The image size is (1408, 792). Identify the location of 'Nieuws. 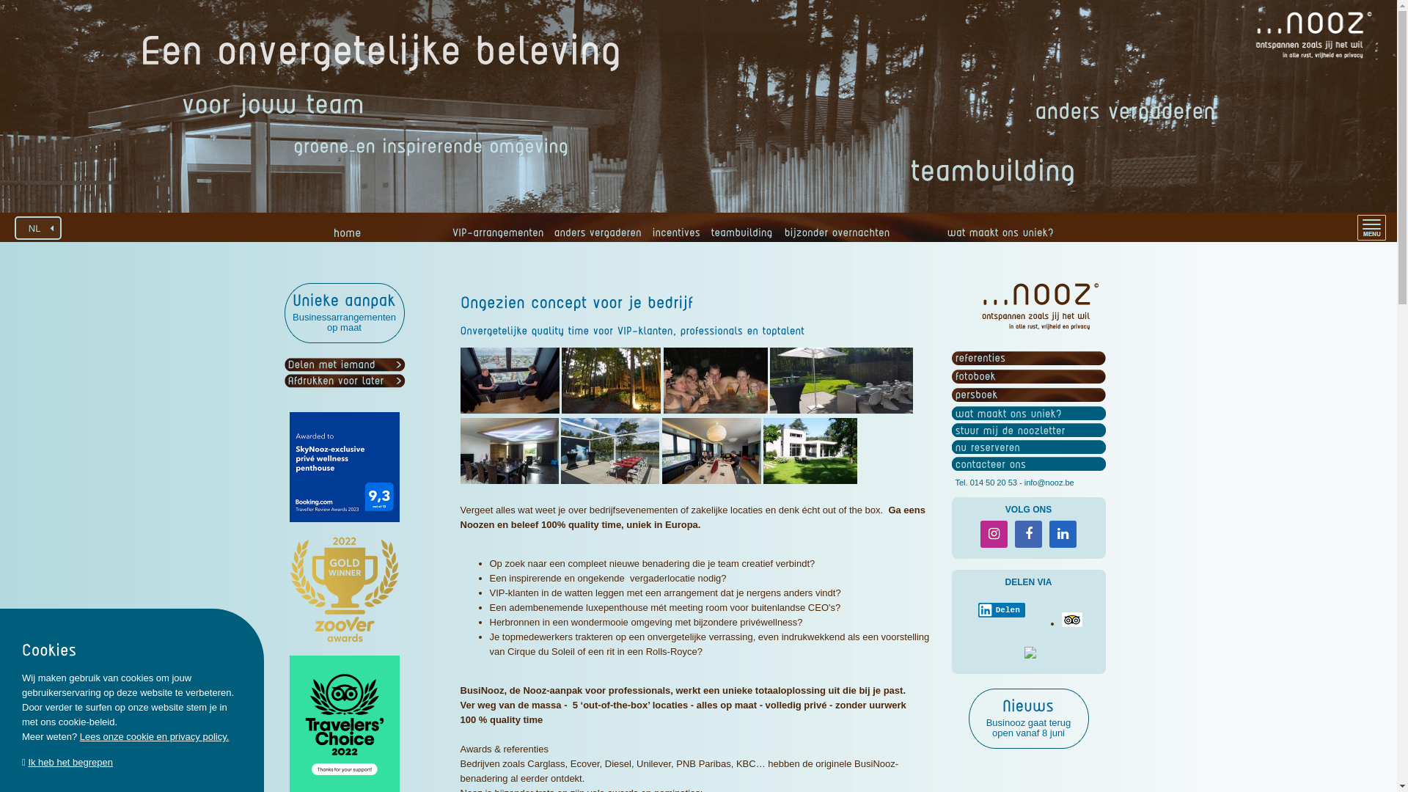
(968, 717).